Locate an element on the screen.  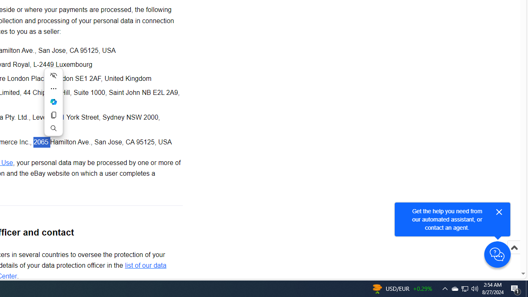
'Ask Copilot' is located at coordinates (53, 101).